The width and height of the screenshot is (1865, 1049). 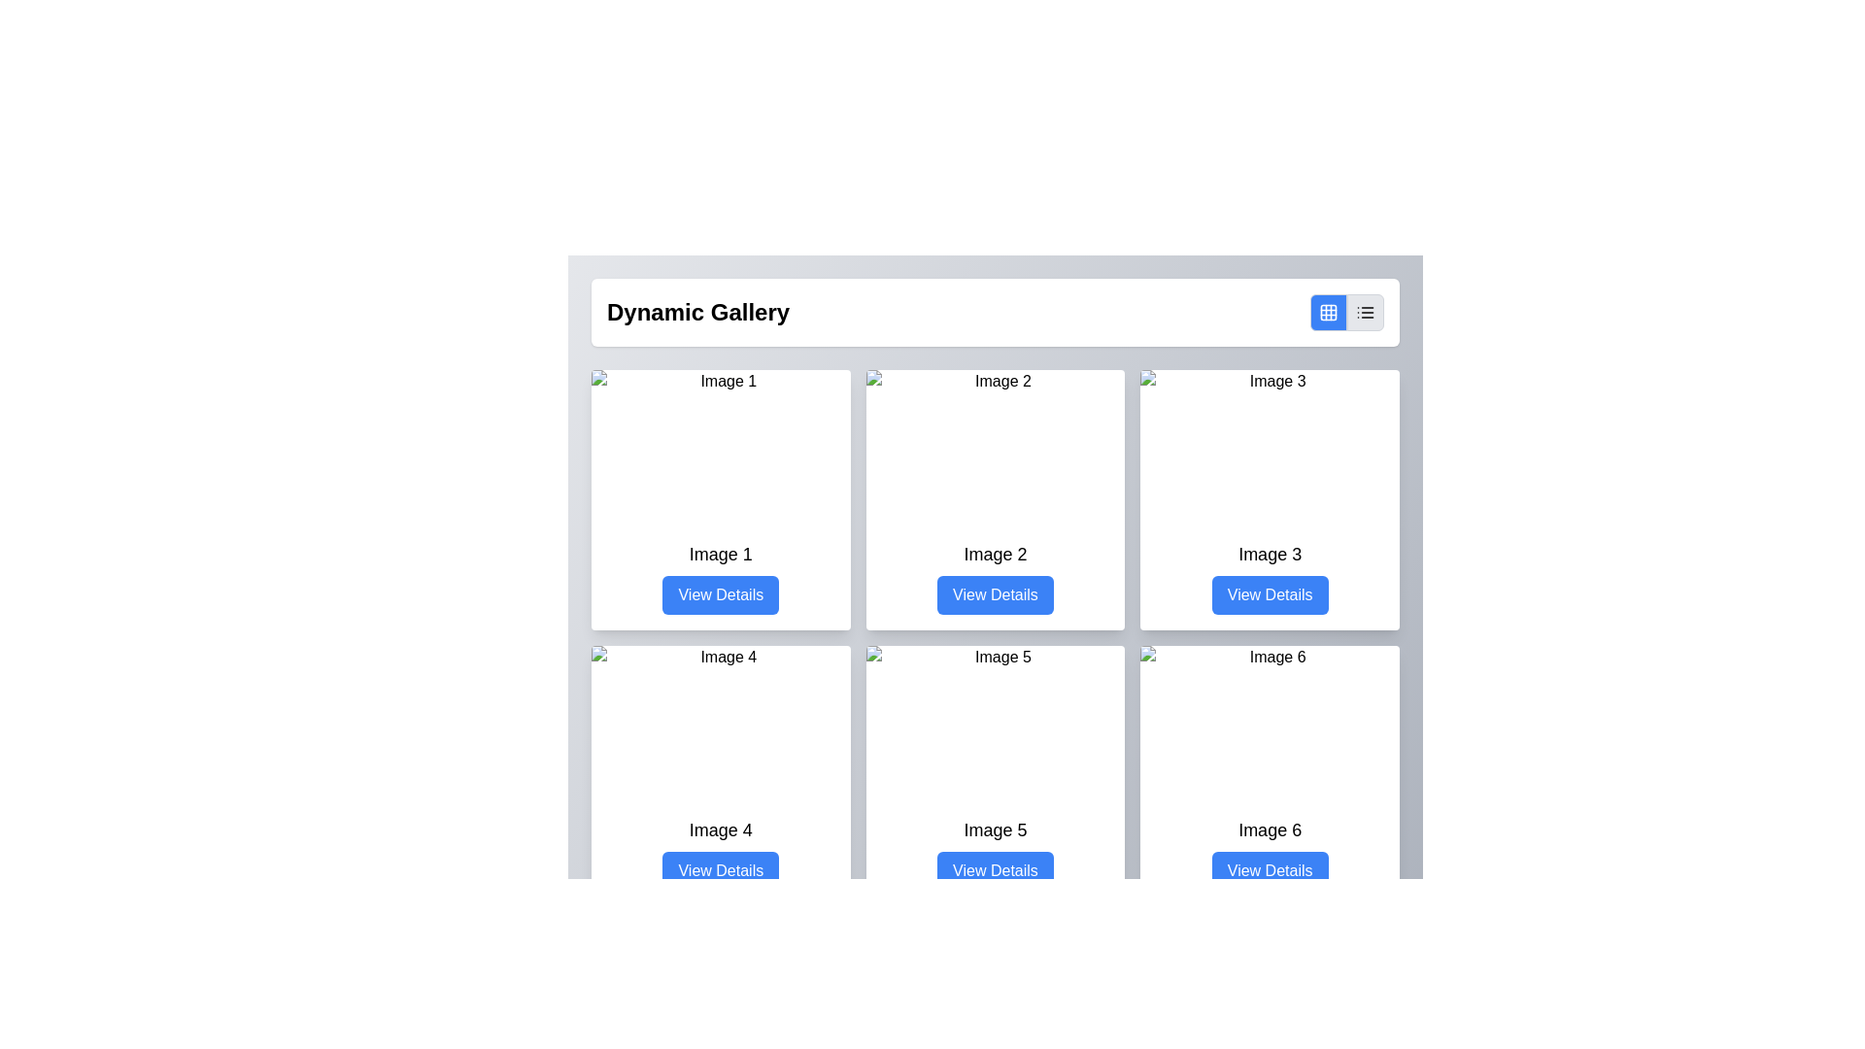 What do you see at coordinates (1270, 774) in the screenshot?
I see `the card representing 'Image 6' located in the bottom-right corner of the grid layout, specifically the sixth card in the second row and third column` at bounding box center [1270, 774].